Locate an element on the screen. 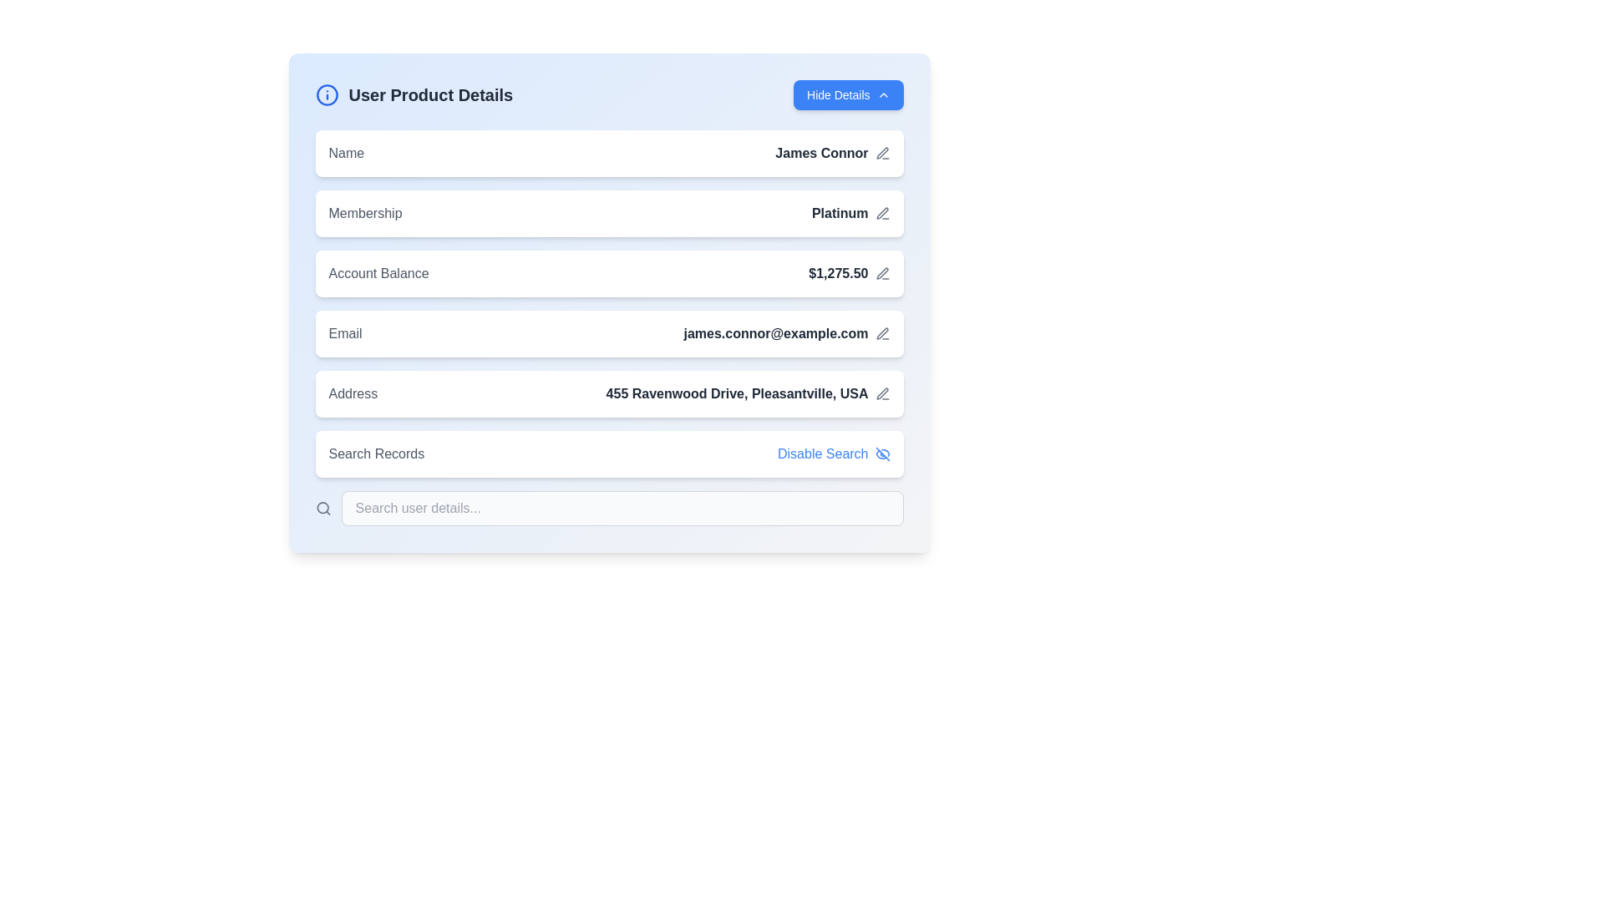  the button in the upper right corner of the 'User Product Details' section to receive visual feedback is located at coordinates (848, 95).